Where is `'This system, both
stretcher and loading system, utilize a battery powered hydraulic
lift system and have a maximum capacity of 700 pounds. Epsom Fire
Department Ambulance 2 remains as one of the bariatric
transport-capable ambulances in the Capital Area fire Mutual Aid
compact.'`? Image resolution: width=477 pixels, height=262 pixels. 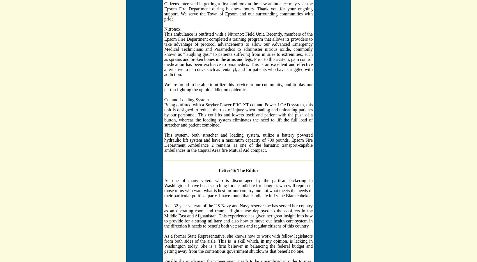 'This system, both
stretcher and loading system, utilize a battery powered hydraulic
lift system and have a maximum capacity of 700 pounds. Epsom Fire
Department Ambulance 2 remains as one of the bariatric
transport-capable ambulances in the Capital Area fire Mutual Aid
compact.' is located at coordinates (238, 142).